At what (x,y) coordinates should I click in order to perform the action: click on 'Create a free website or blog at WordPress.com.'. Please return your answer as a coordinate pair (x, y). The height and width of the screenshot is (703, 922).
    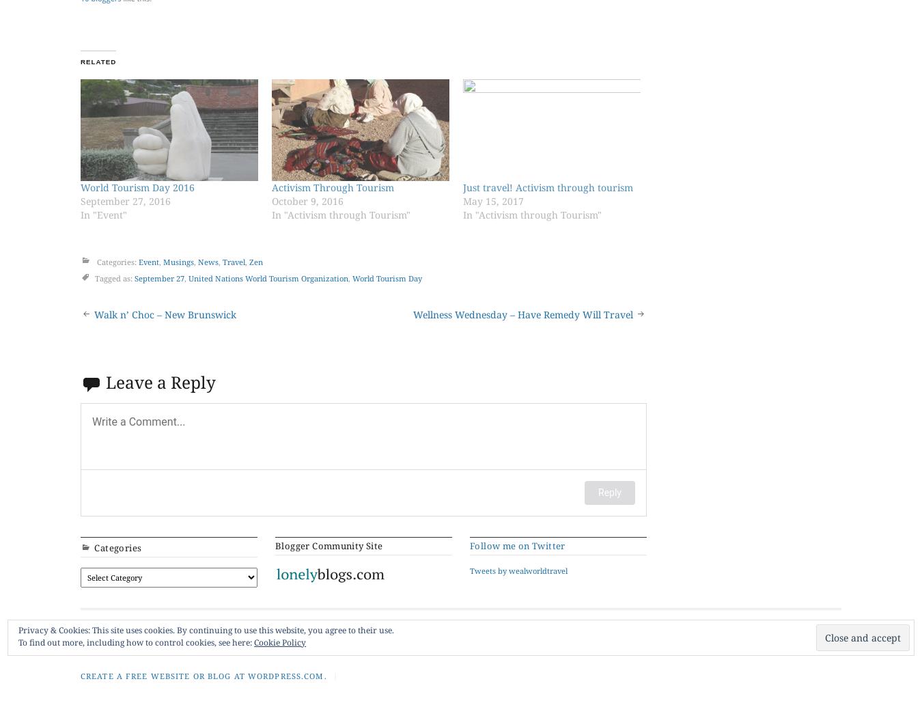
    Looking at the image, I should click on (202, 674).